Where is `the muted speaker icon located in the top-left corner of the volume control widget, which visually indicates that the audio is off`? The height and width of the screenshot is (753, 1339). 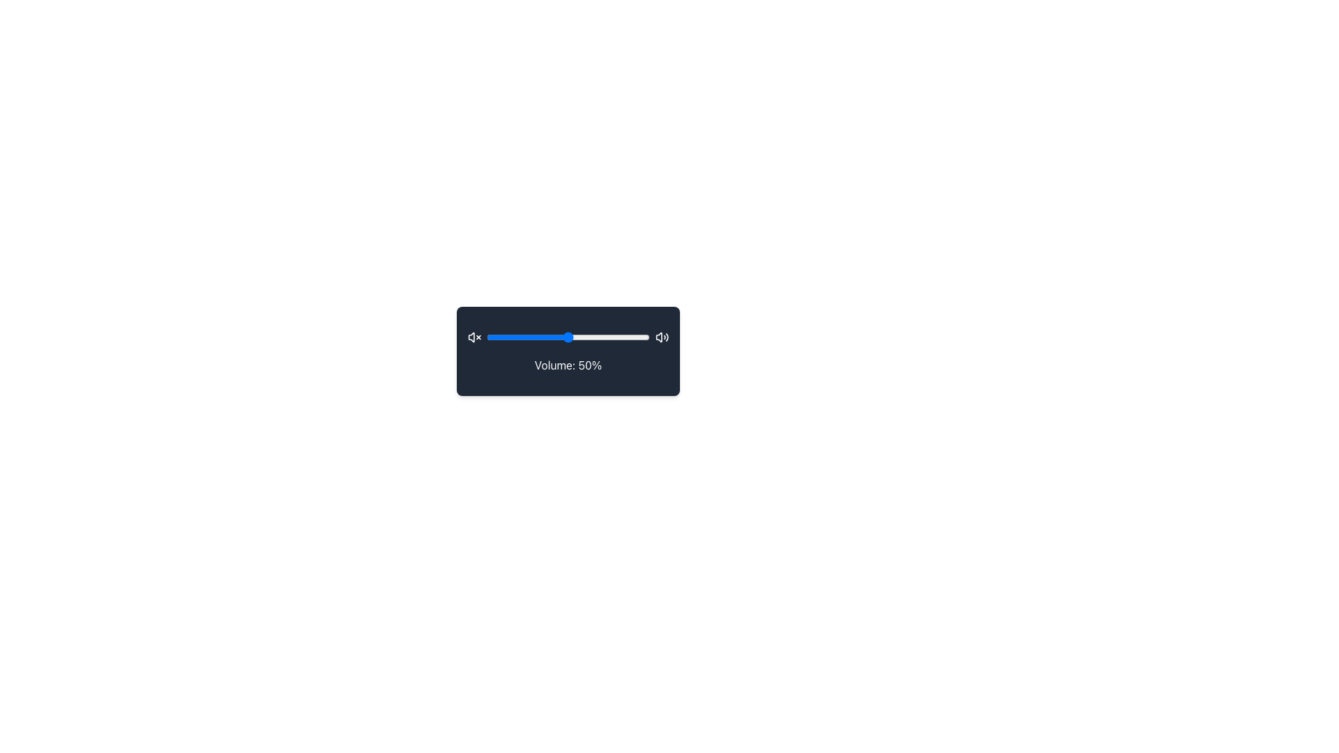
the muted speaker icon located in the top-left corner of the volume control widget, which visually indicates that the audio is off is located at coordinates (471, 337).